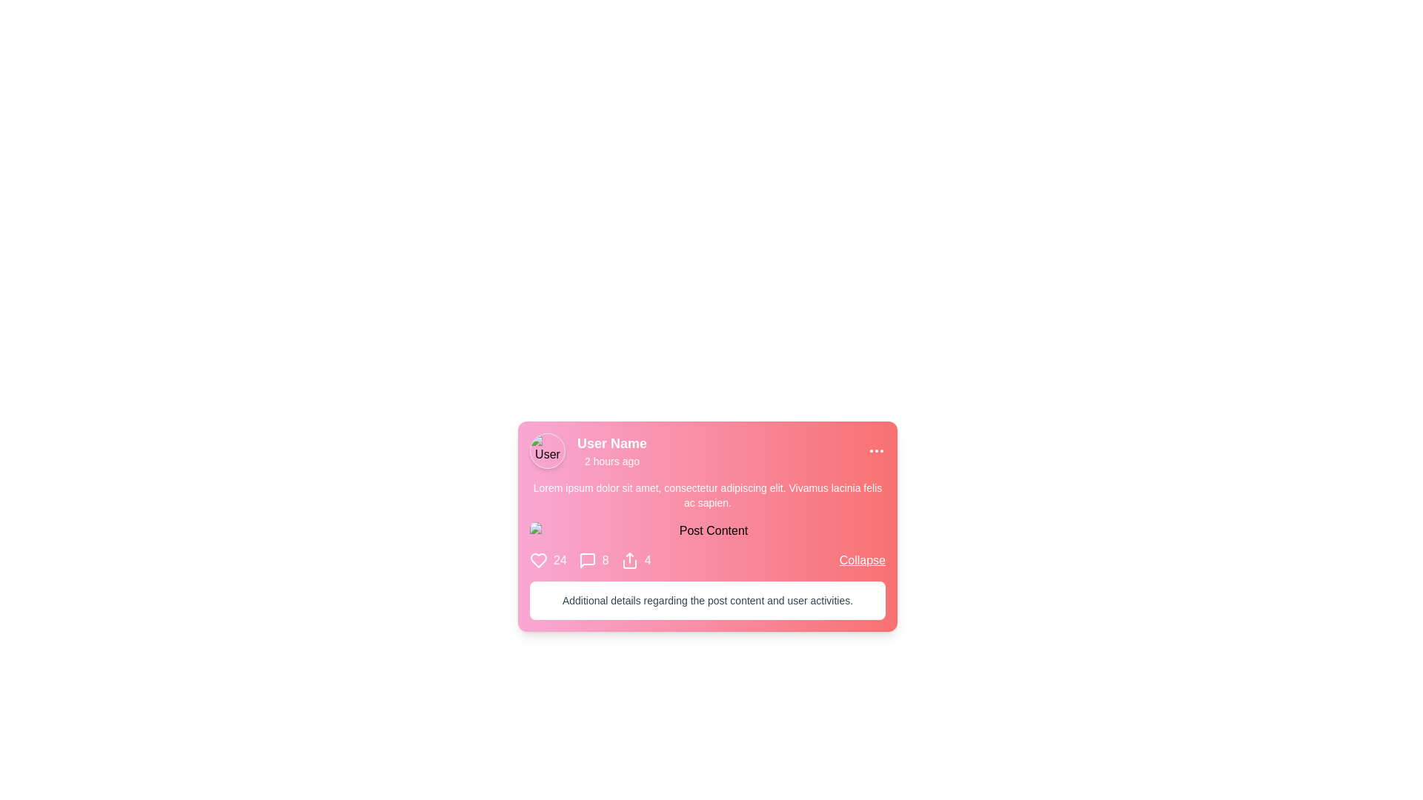 The height and width of the screenshot is (800, 1423). What do you see at coordinates (636, 560) in the screenshot?
I see `the share button, which is a rounded square icon with an upward arrow and the label '4', located in the bottom row of a card layout` at bounding box center [636, 560].